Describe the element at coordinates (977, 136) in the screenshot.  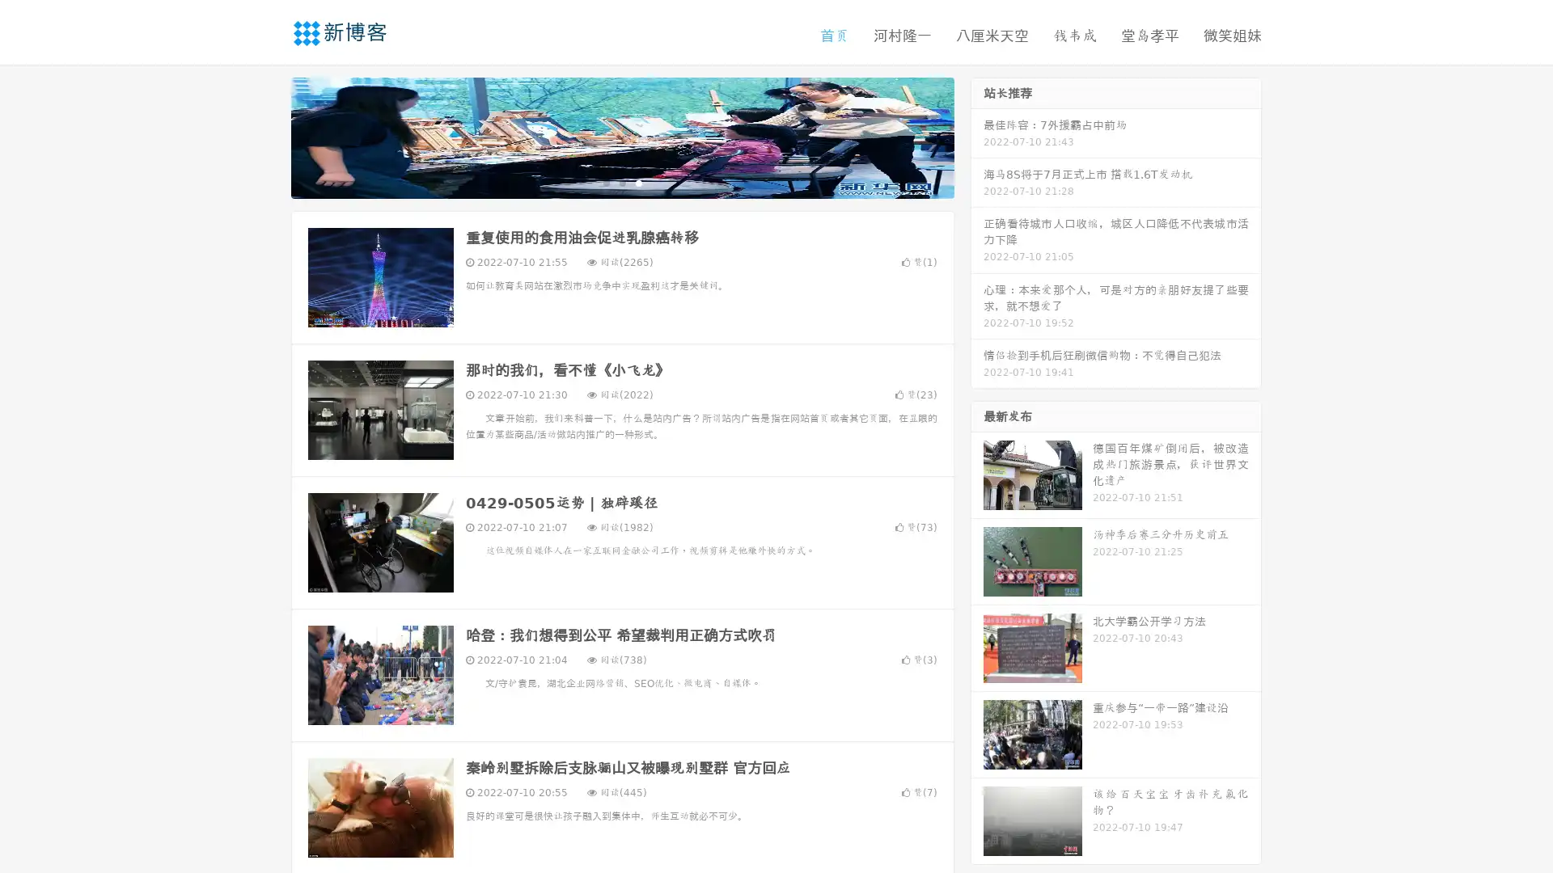
I see `Next slide` at that location.